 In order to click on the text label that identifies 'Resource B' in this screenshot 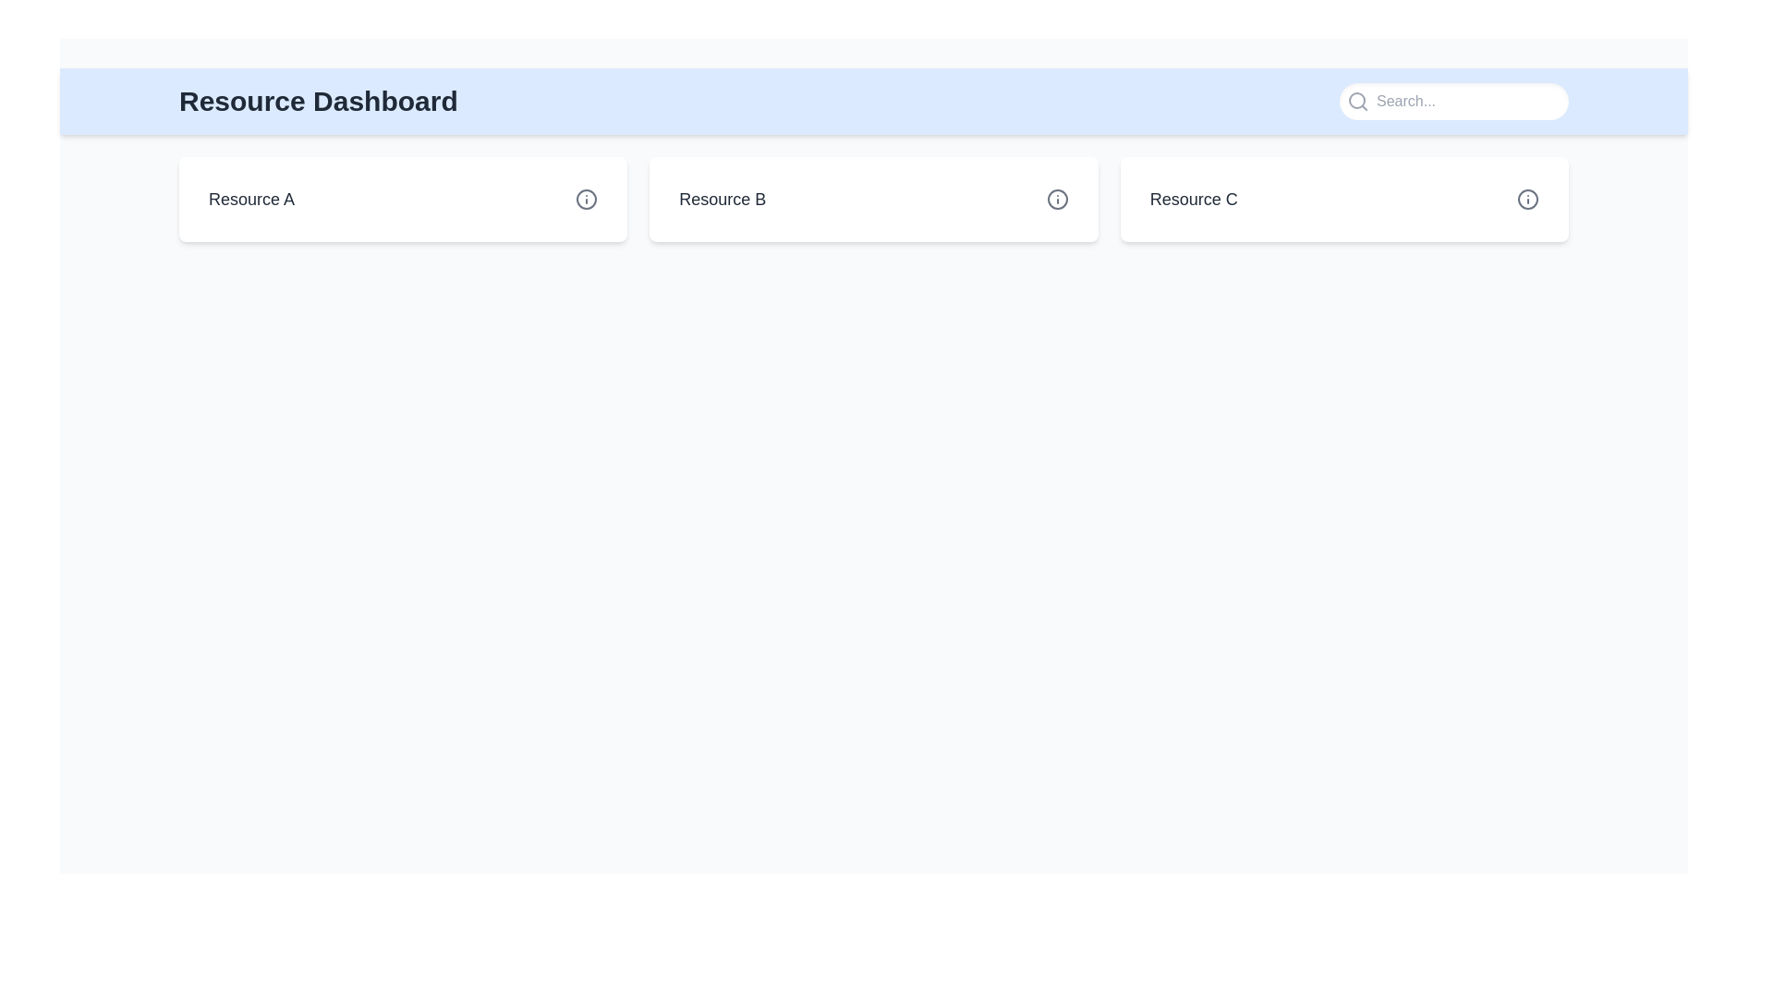, I will do `click(722, 200)`.